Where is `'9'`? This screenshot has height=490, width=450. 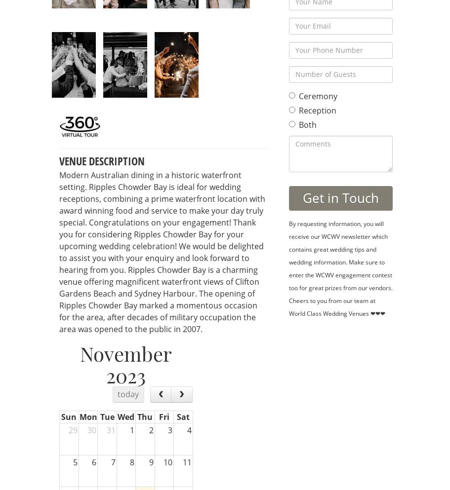
'9' is located at coordinates (151, 461).